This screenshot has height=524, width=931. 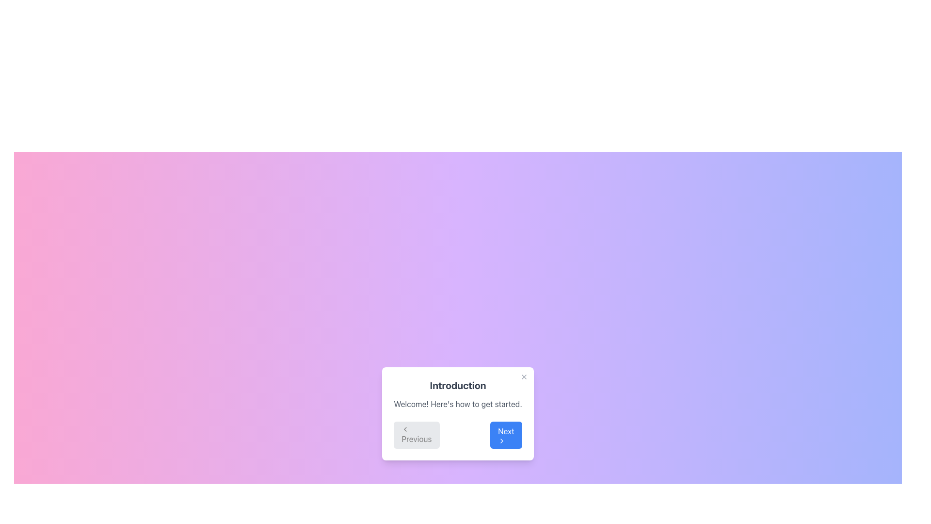 What do you see at coordinates (502, 441) in the screenshot?
I see `the right-pointing chevron icon located within the blue 'Next' button at the bottom right of the modal dialog box to interact with the button` at bounding box center [502, 441].